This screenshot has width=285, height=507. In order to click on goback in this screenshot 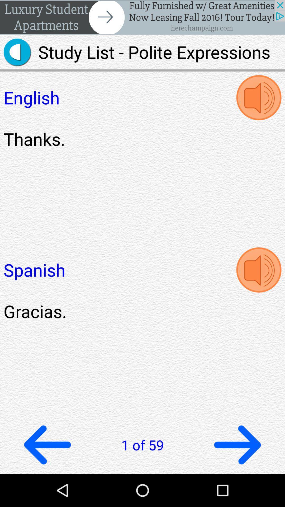, I will do `click(47, 444)`.